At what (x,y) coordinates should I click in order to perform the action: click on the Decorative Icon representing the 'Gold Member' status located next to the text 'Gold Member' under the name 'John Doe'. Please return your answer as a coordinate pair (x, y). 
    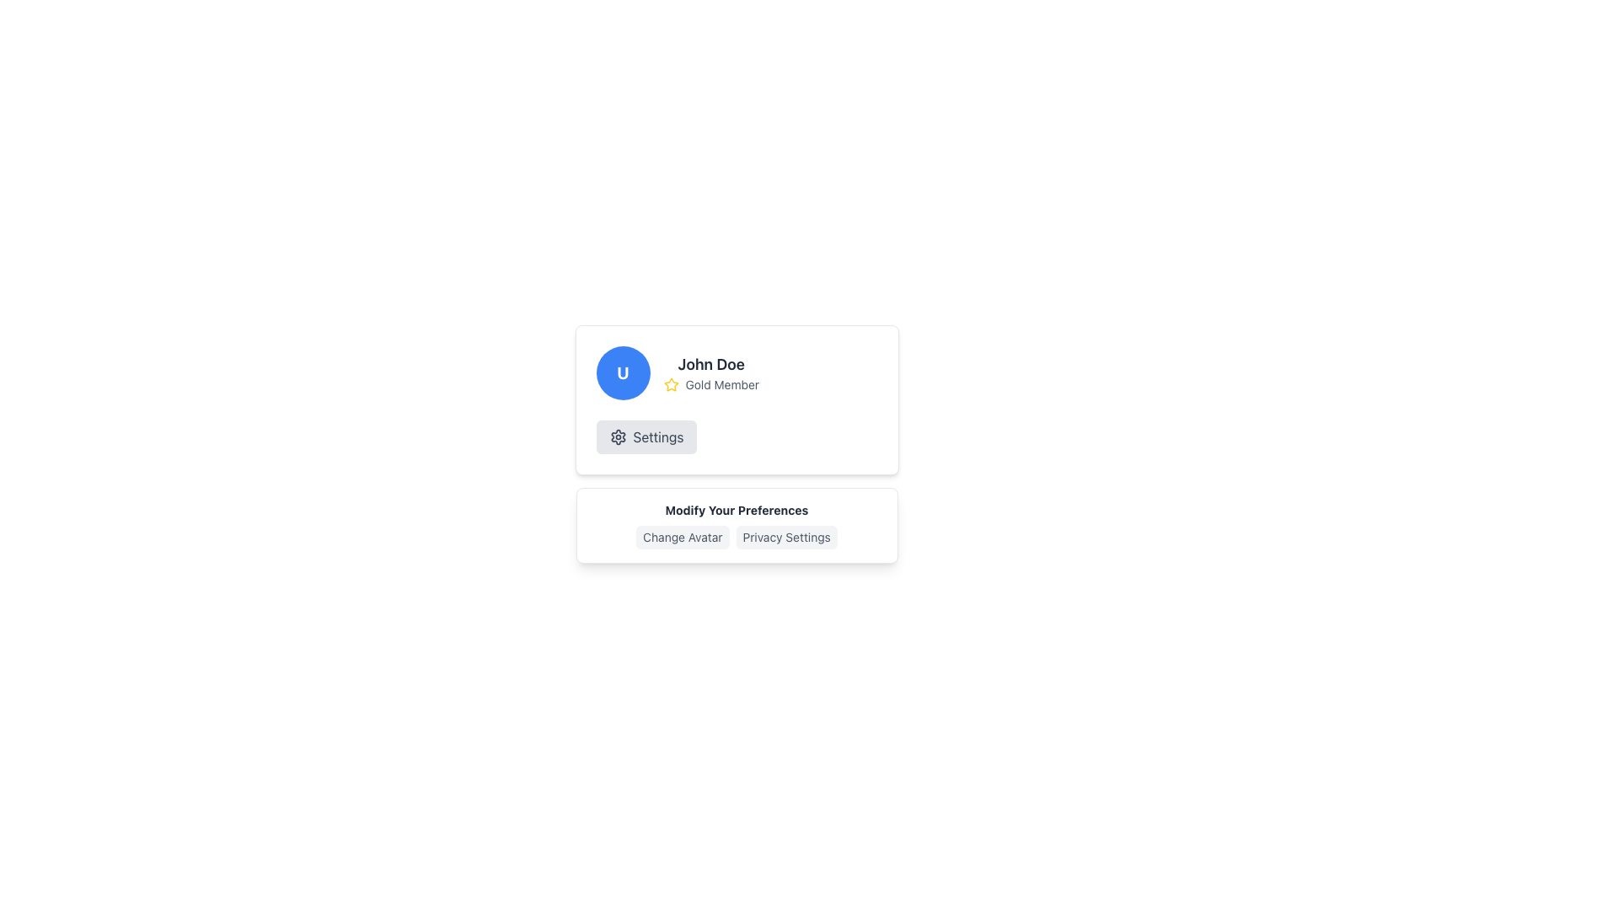
    Looking at the image, I should click on (670, 384).